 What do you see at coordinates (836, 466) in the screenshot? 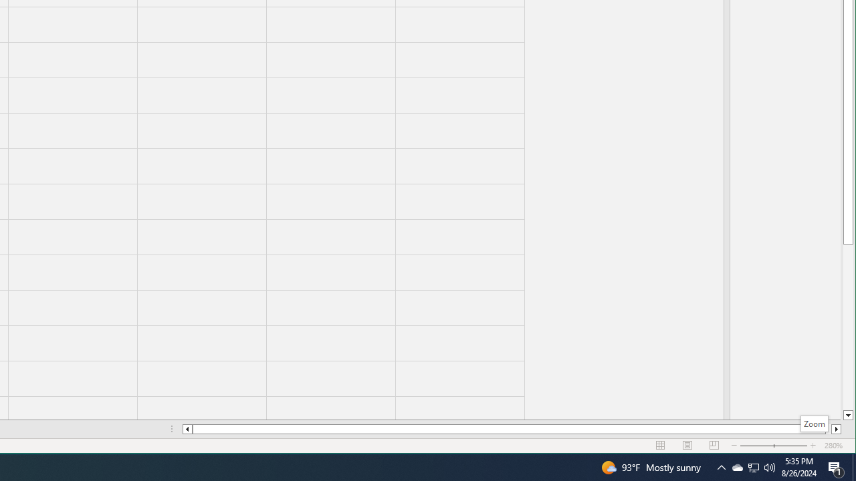
I see `'Action Center, 1 new notification'` at bounding box center [836, 466].